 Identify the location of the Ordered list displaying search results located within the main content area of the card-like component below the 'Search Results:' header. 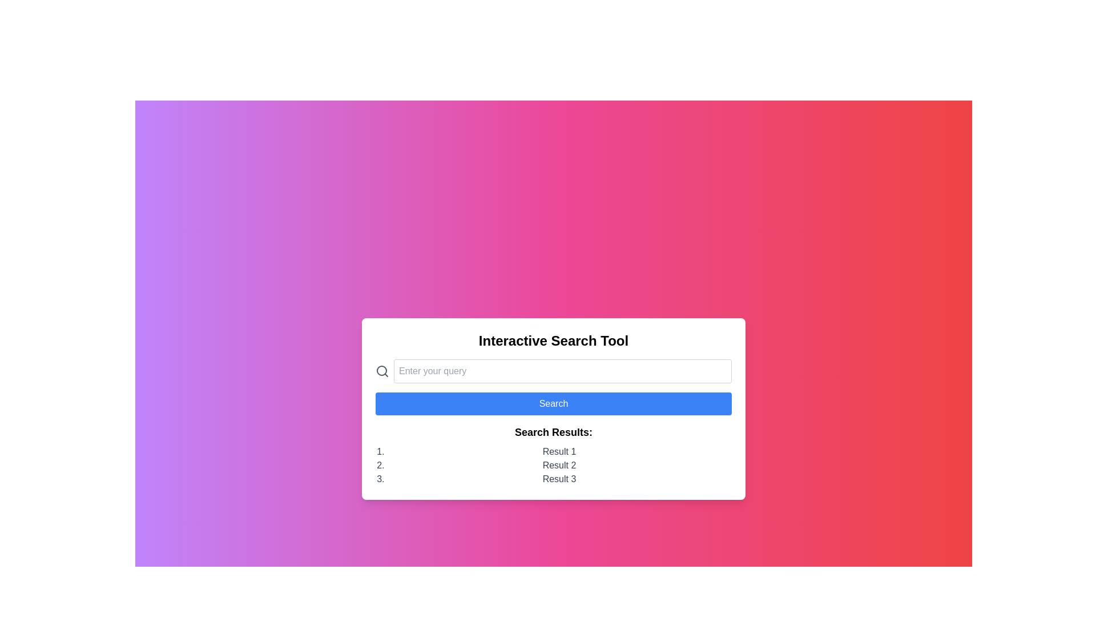
(553, 465).